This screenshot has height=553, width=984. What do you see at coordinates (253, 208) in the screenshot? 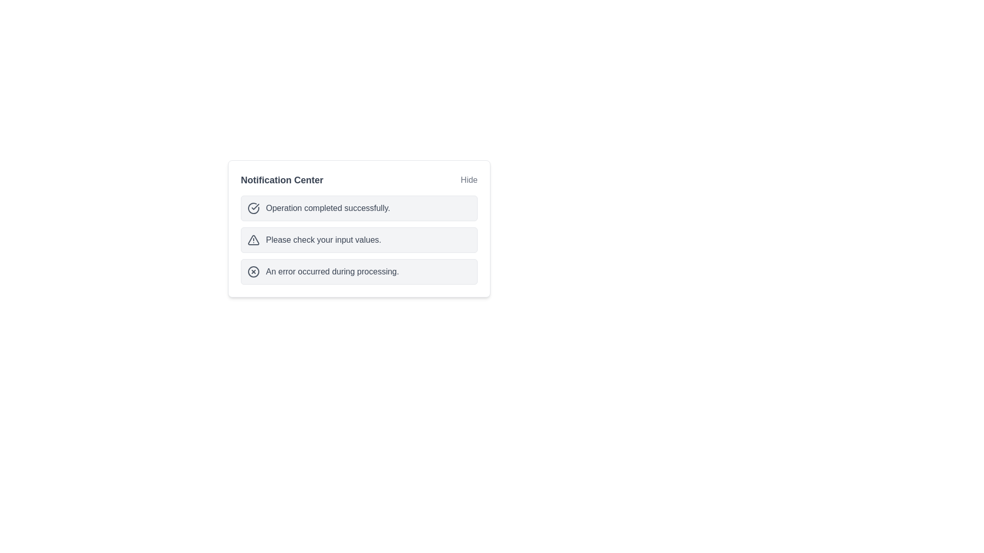
I see `the success icon located within the notification card at the top of the Notification Center` at bounding box center [253, 208].